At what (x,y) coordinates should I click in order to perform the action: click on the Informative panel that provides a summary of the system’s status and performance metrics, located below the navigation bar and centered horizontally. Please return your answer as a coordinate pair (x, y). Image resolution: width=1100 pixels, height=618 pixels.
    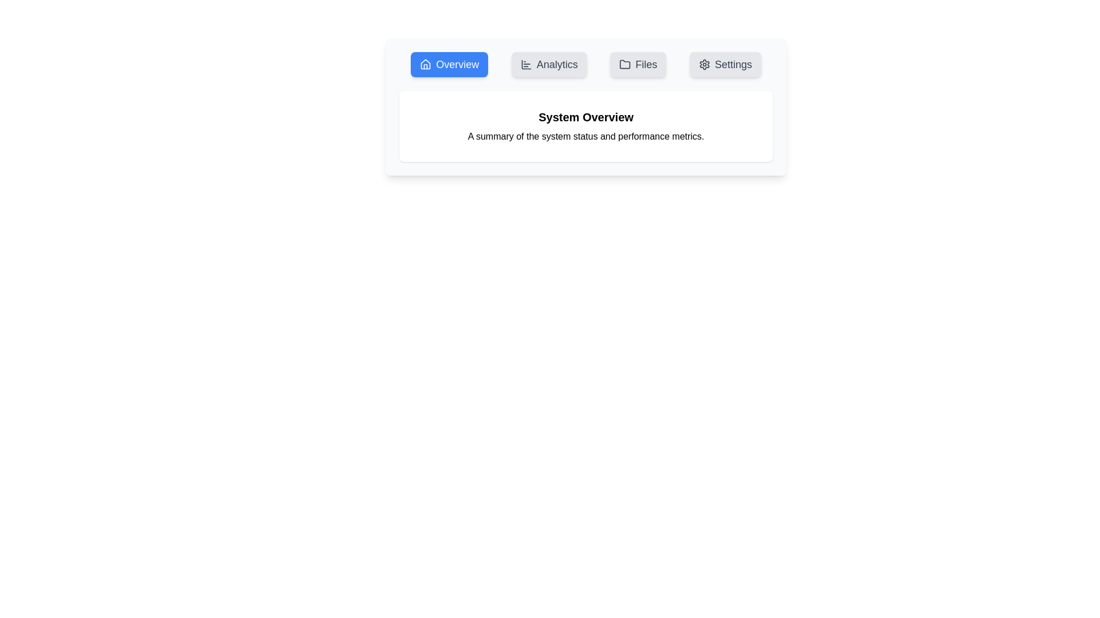
    Looking at the image, I should click on (586, 106).